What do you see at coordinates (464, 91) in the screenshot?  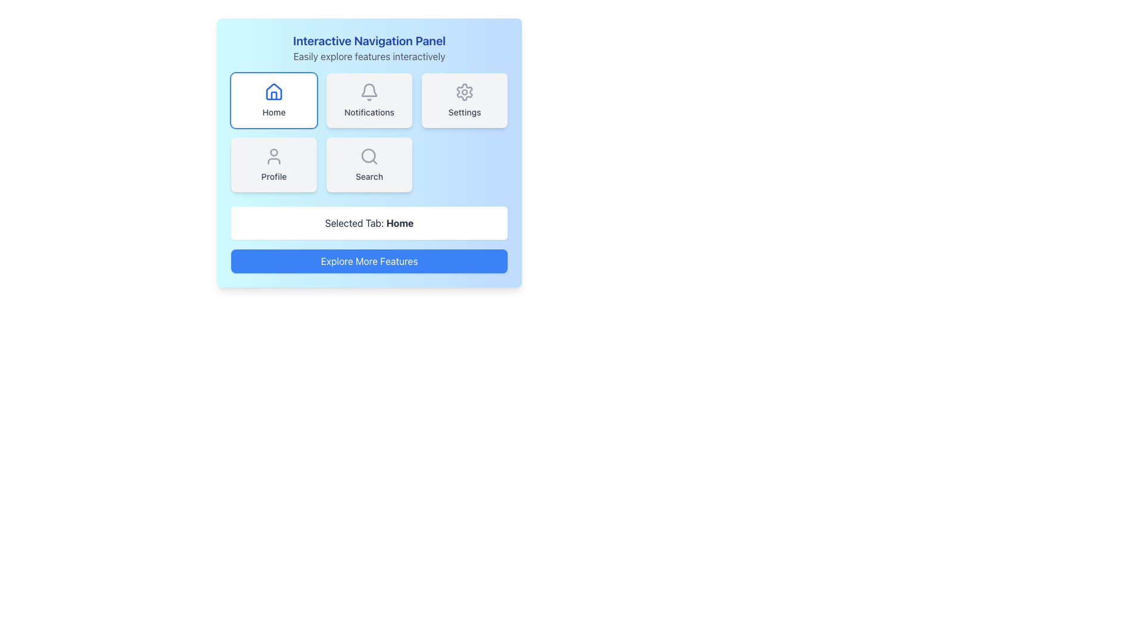 I see `the cogwheel icon located in the top-right section of the navigation panel` at bounding box center [464, 91].